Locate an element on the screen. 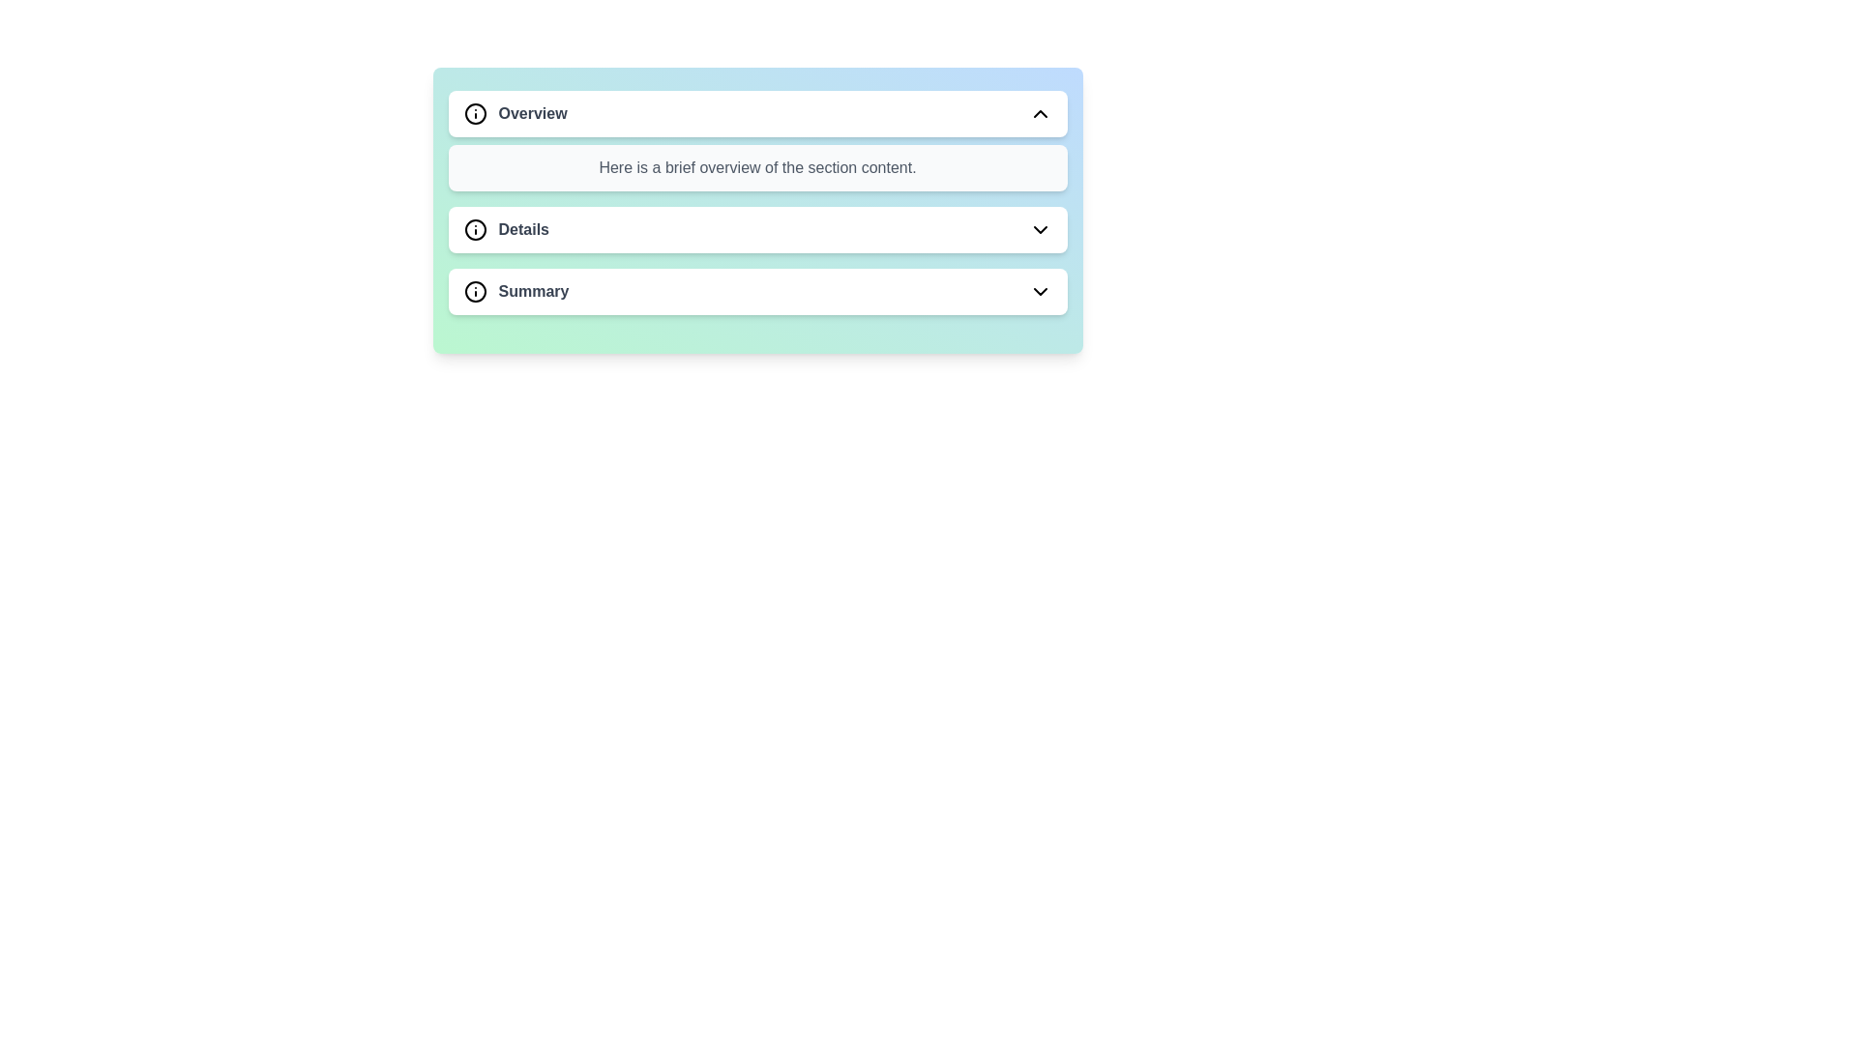  the informational icon located to the left of the 'Details' text to receive additional information is located at coordinates (475, 229).